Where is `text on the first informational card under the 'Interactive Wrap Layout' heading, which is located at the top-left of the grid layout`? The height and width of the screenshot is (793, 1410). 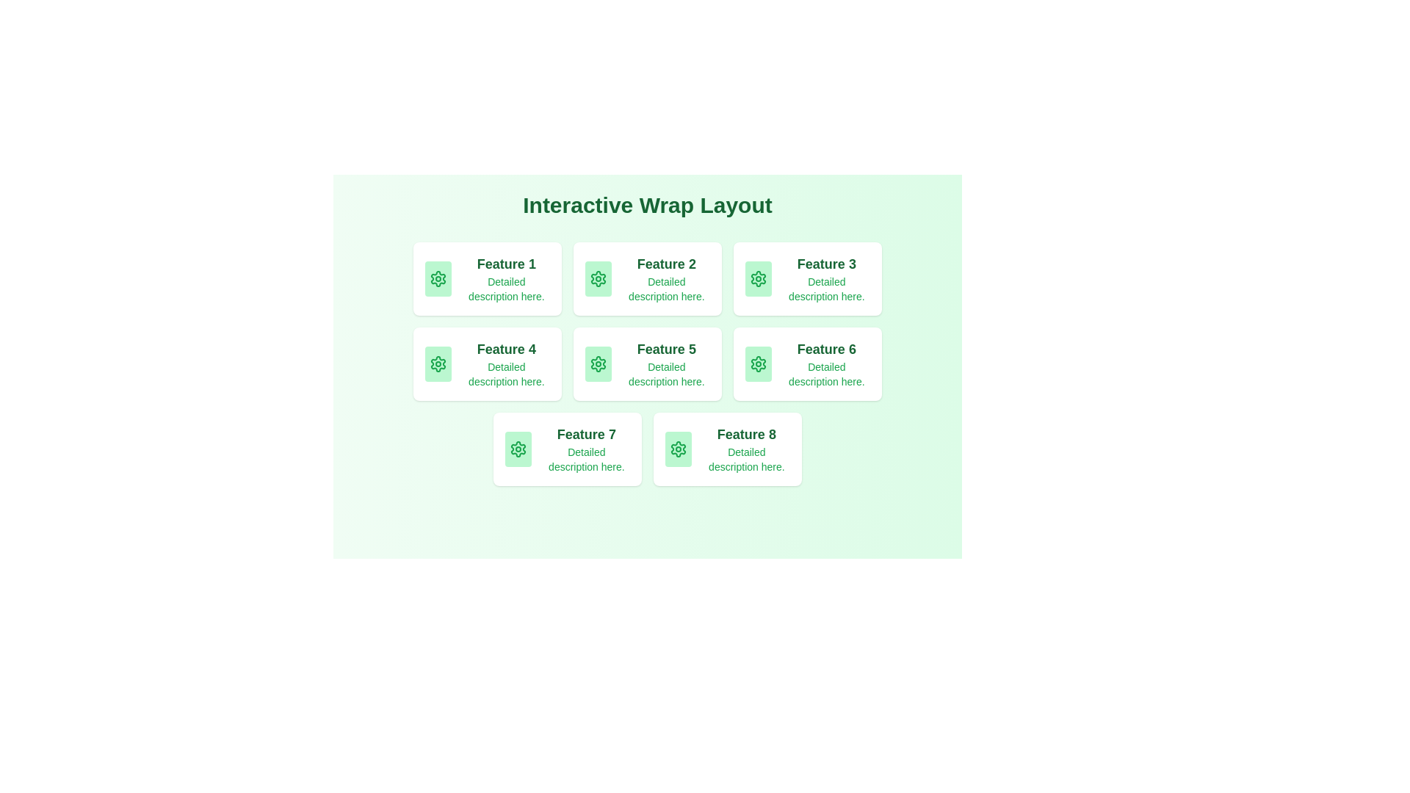 text on the first informational card under the 'Interactive Wrap Layout' heading, which is located at the top-left of the grid layout is located at coordinates (487, 279).